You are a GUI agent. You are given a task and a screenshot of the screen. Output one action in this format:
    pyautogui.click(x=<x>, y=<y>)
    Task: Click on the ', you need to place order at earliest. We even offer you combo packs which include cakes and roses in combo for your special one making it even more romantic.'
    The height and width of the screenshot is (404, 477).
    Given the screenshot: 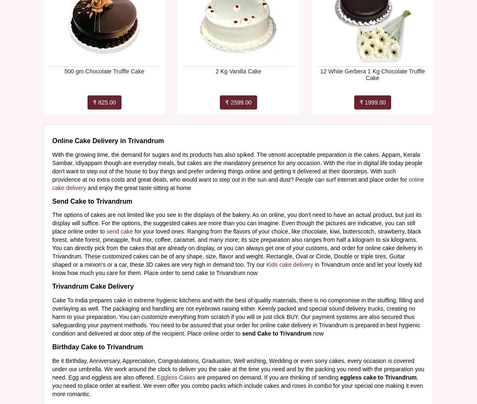 What is the action you would take?
    pyautogui.click(x=237, y=385)
    